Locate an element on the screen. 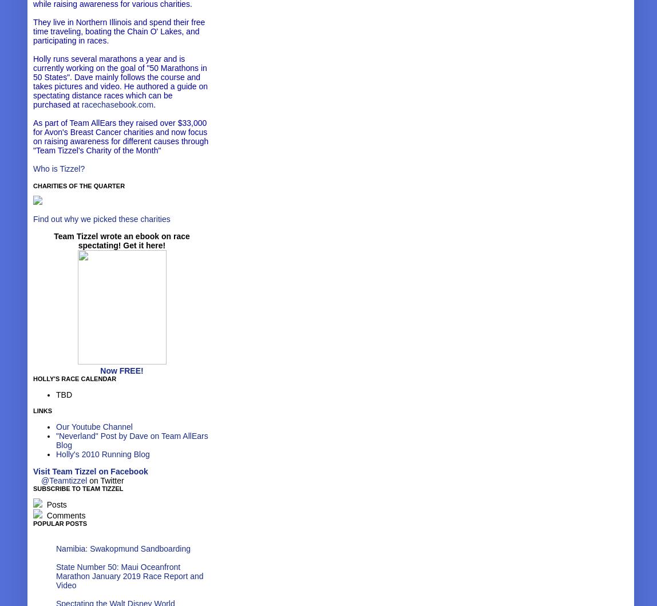 This screenshot has width=657, height=606. 'authored a guide on spectating distance races which can be purchased at' is located at coordinates (120, 94).